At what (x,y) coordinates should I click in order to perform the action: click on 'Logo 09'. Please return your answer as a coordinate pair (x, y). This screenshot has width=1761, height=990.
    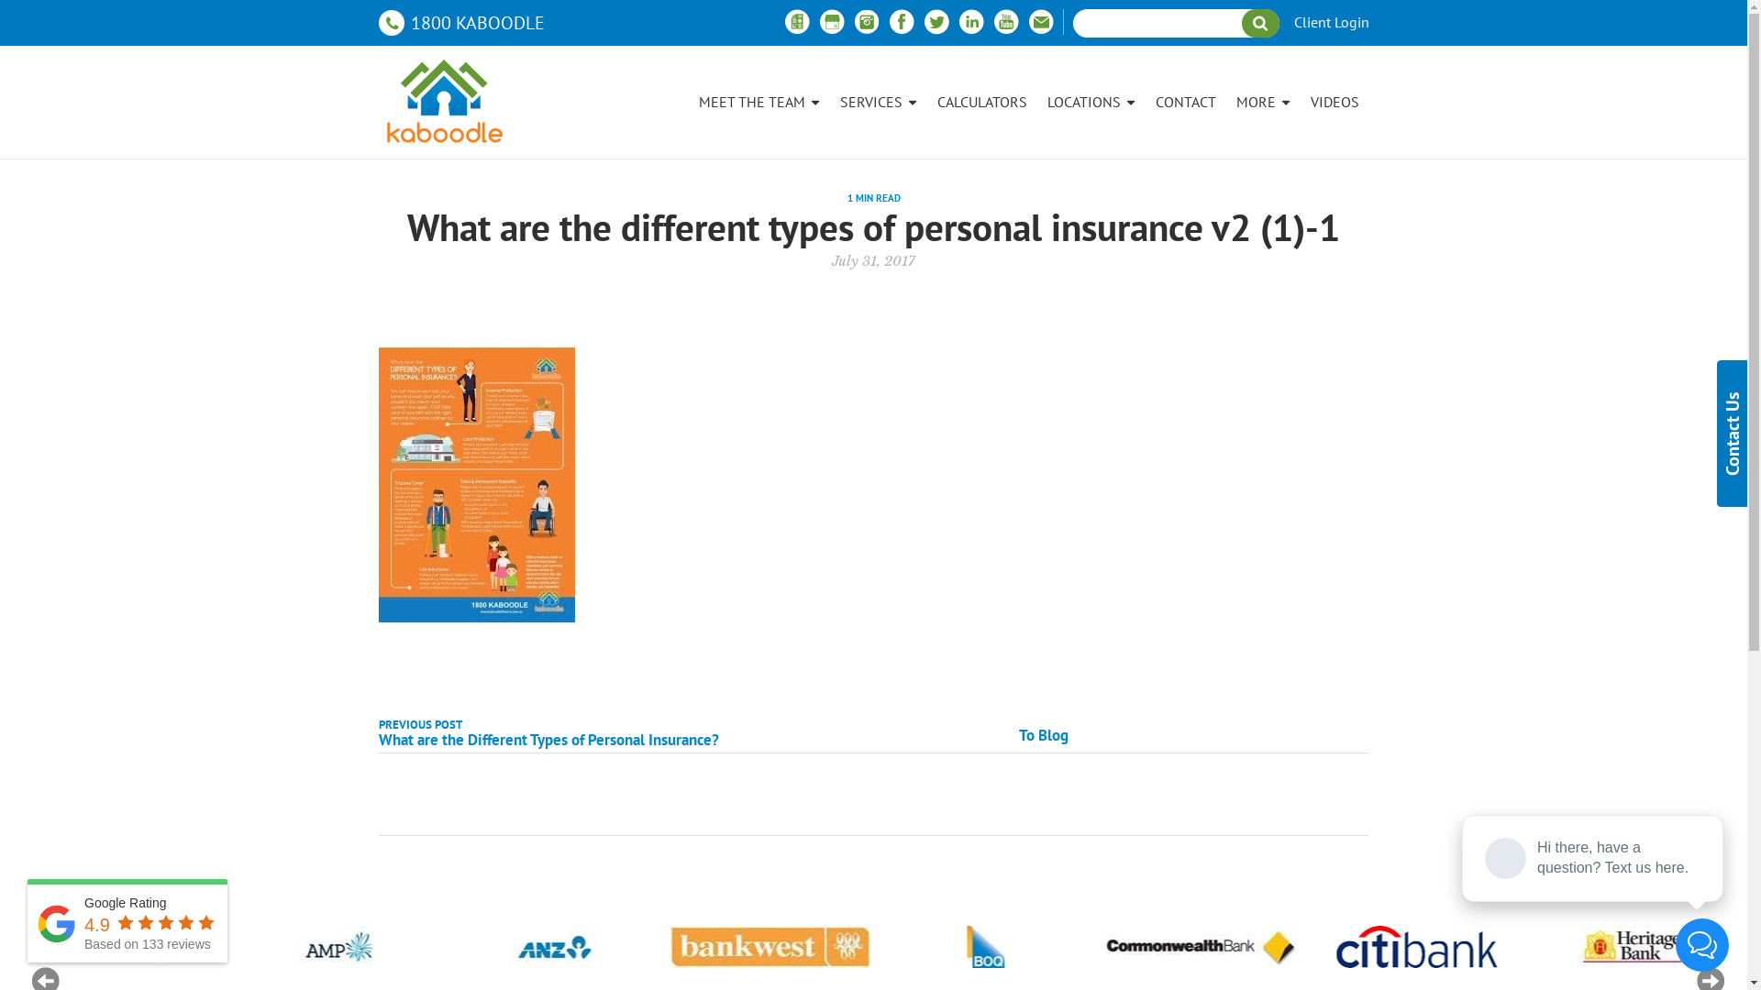
    Looking at the image, I should click on (1596, 947).